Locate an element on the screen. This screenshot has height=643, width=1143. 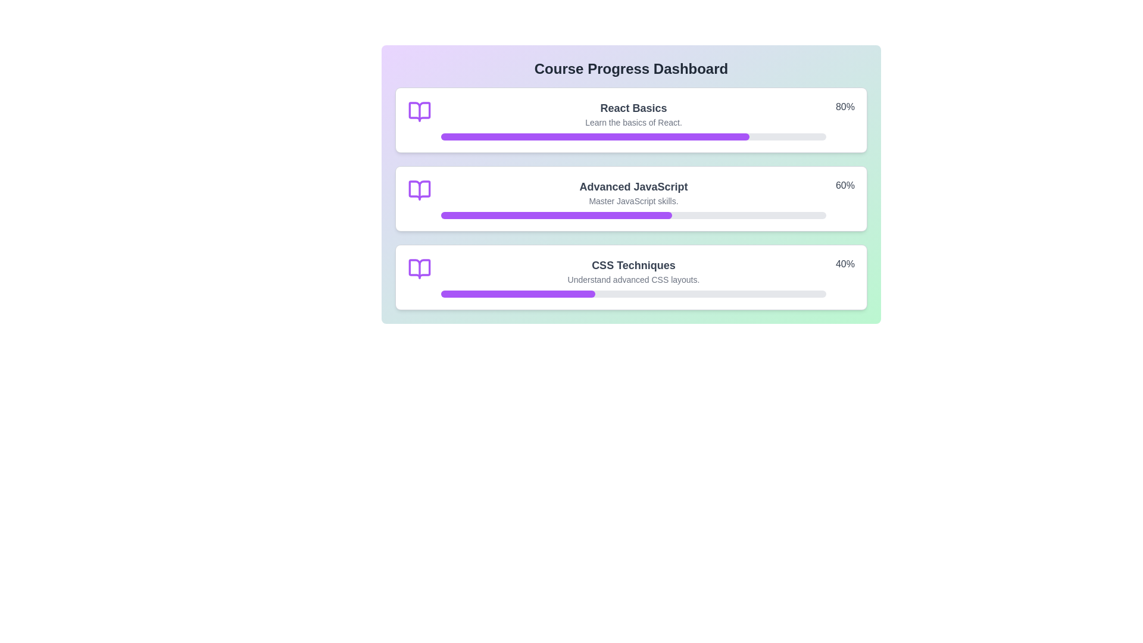
the text-based informational header that displays 'Advanced JavaScript' and 'Master JavaScript skills.' is located at coordinates (633, 198).